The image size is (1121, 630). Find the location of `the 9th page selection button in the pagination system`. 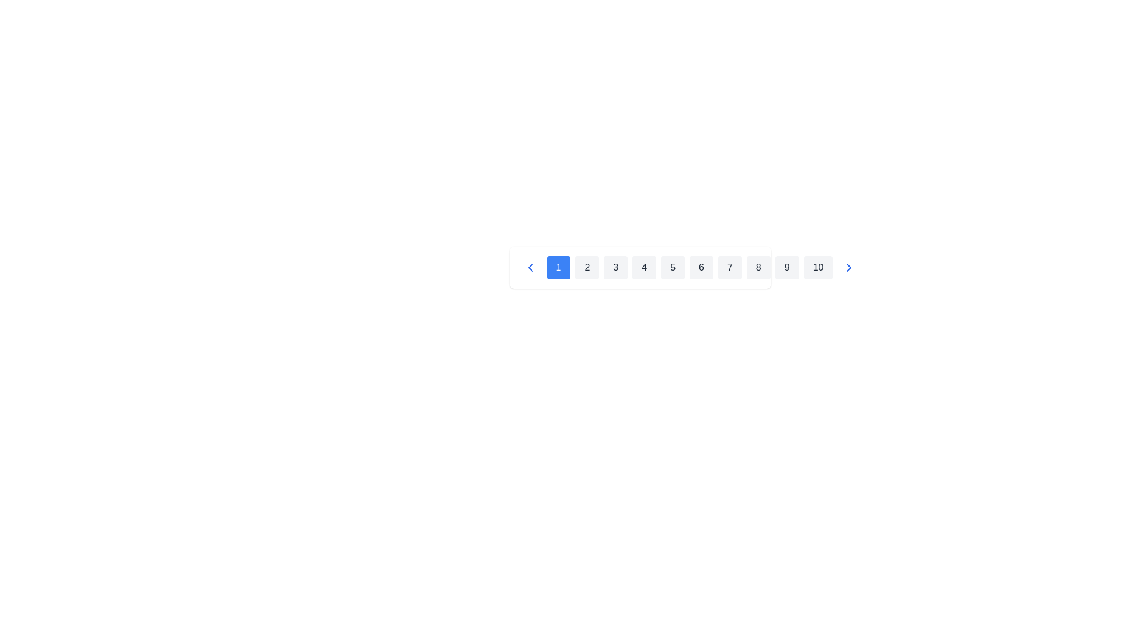

the 9th page selection button in the pagination system is located at coordinates (787, 268).